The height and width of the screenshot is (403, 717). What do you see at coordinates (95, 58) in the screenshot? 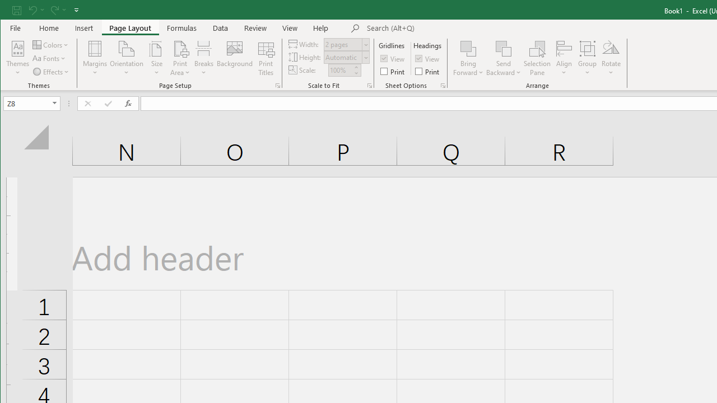
I see `'Margins'` at bounding box center [95, 58].